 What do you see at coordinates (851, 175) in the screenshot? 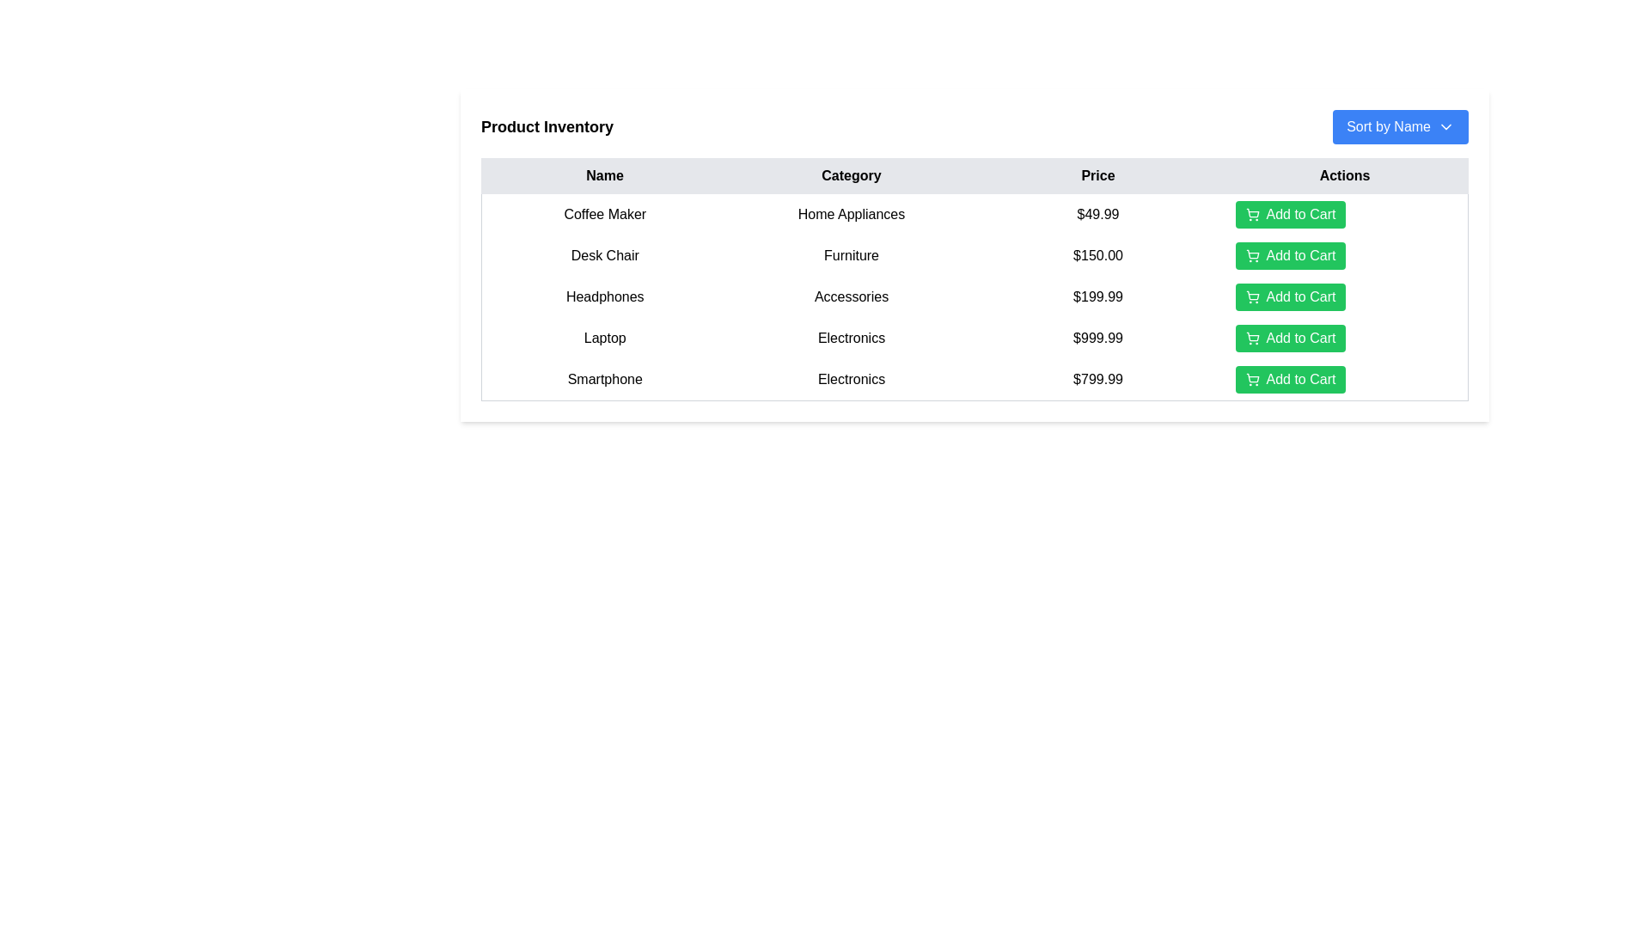
I see `the table header cell labeled 'Category' which is the second column header in a table, centered in a light gray background` at bounding box center [851, 175].